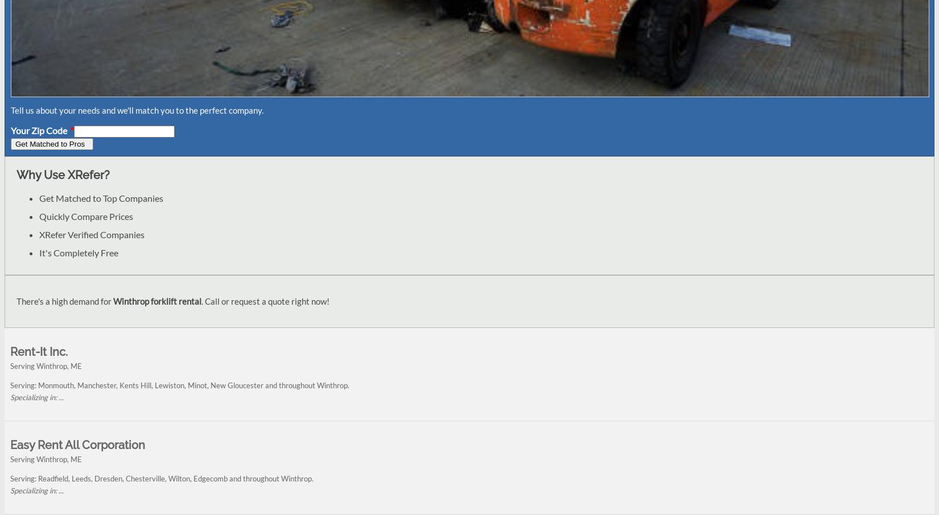 The height and width of the screenshot is (515, 939). Describe the element at coordinates (71, 130) in the screenshot. I see `'*'` at that location.